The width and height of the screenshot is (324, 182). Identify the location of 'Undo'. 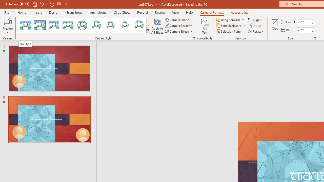
(42, 4).